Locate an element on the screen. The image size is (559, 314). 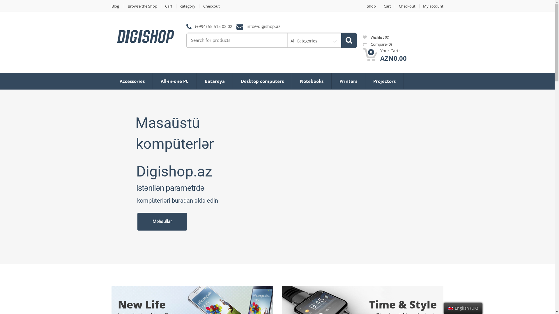
'Browse the Shop' is located at coordinates (124, 6).